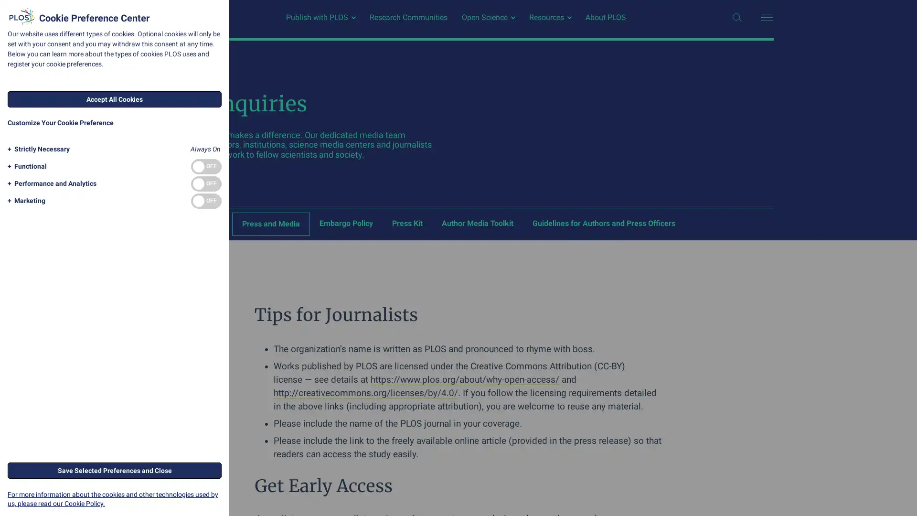  What do you see at coordinates (115, 469) in the screenshot?
I see `Save Selected Preferences and Close` at bounding box center [115, 469].